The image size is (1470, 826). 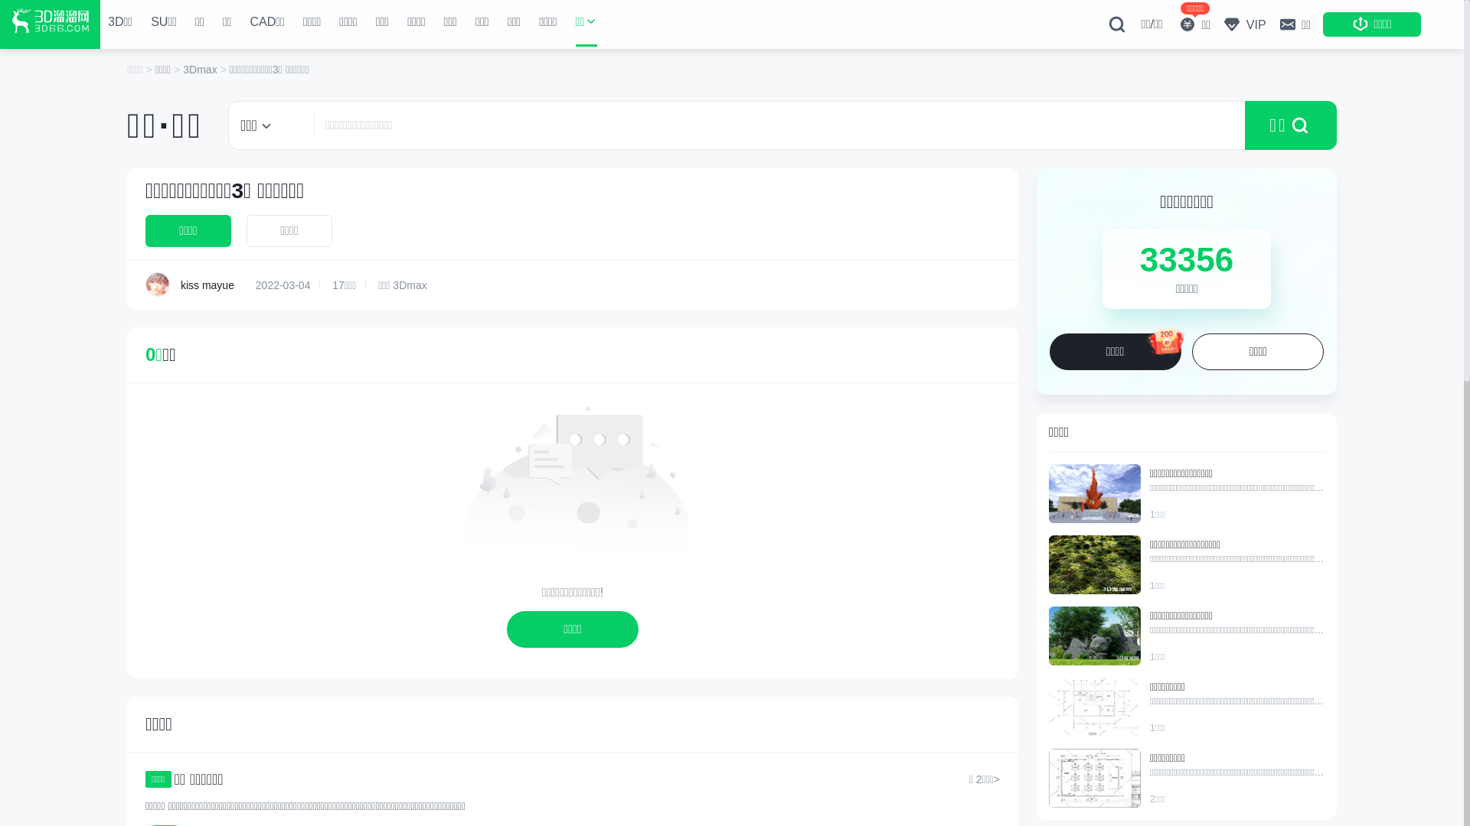 I want to click on '3Dmax', so click(x=201, y=70).